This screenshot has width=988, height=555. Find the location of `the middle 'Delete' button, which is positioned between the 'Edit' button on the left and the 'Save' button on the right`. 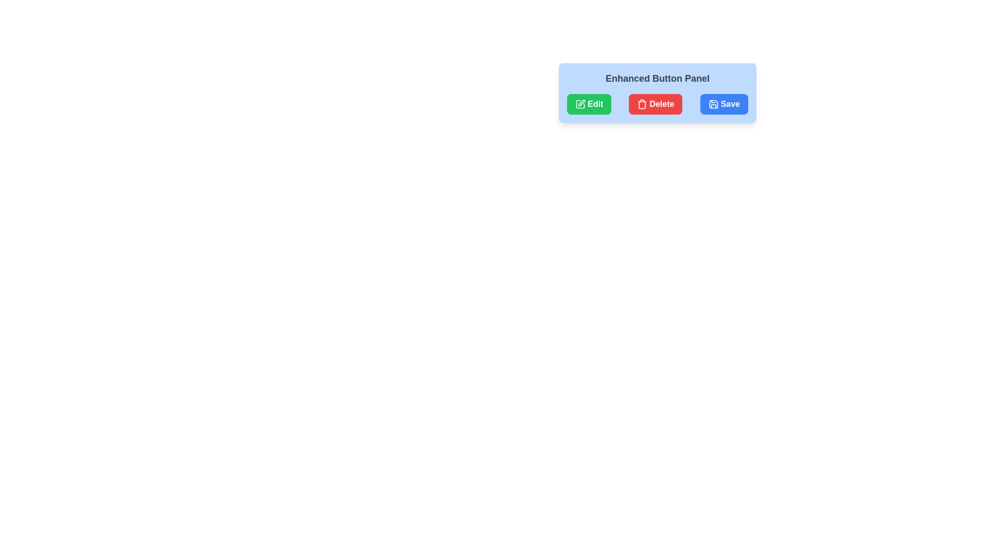

the middle 'Delete' button, which is positioned between the 'Edit' button on the left and the 'Save' button on the right is located at coordinates (655, 104).